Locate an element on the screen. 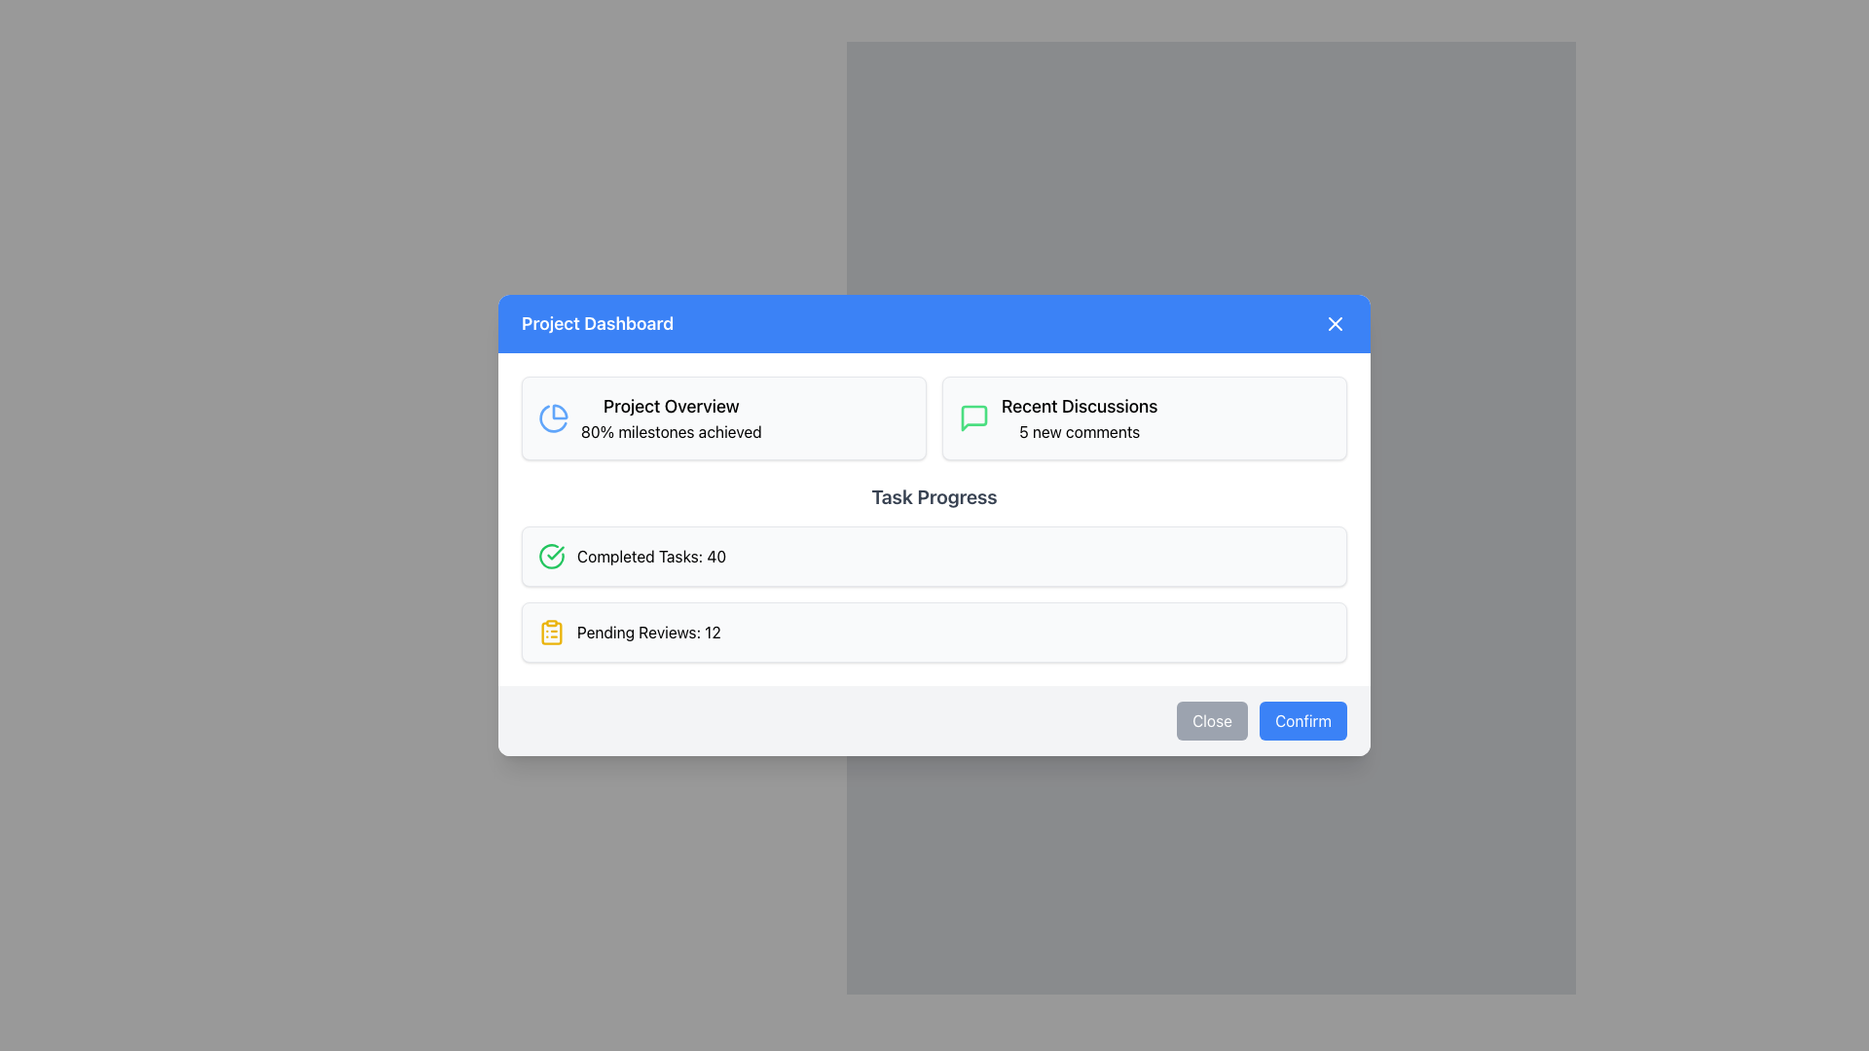 The image size is (1869, 1051). 'Project Overview' text label, which is a bold, larger font style located in the upper left section of the central panel, above the '80% milestones achieved' text is located at coordinates (671, 405).